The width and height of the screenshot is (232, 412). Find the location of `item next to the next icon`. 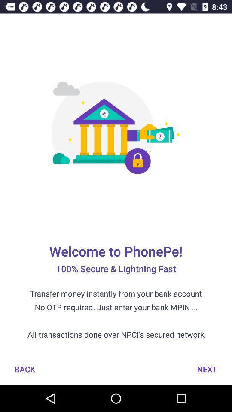

item next to the next icon is located at coordinates (24, 369).